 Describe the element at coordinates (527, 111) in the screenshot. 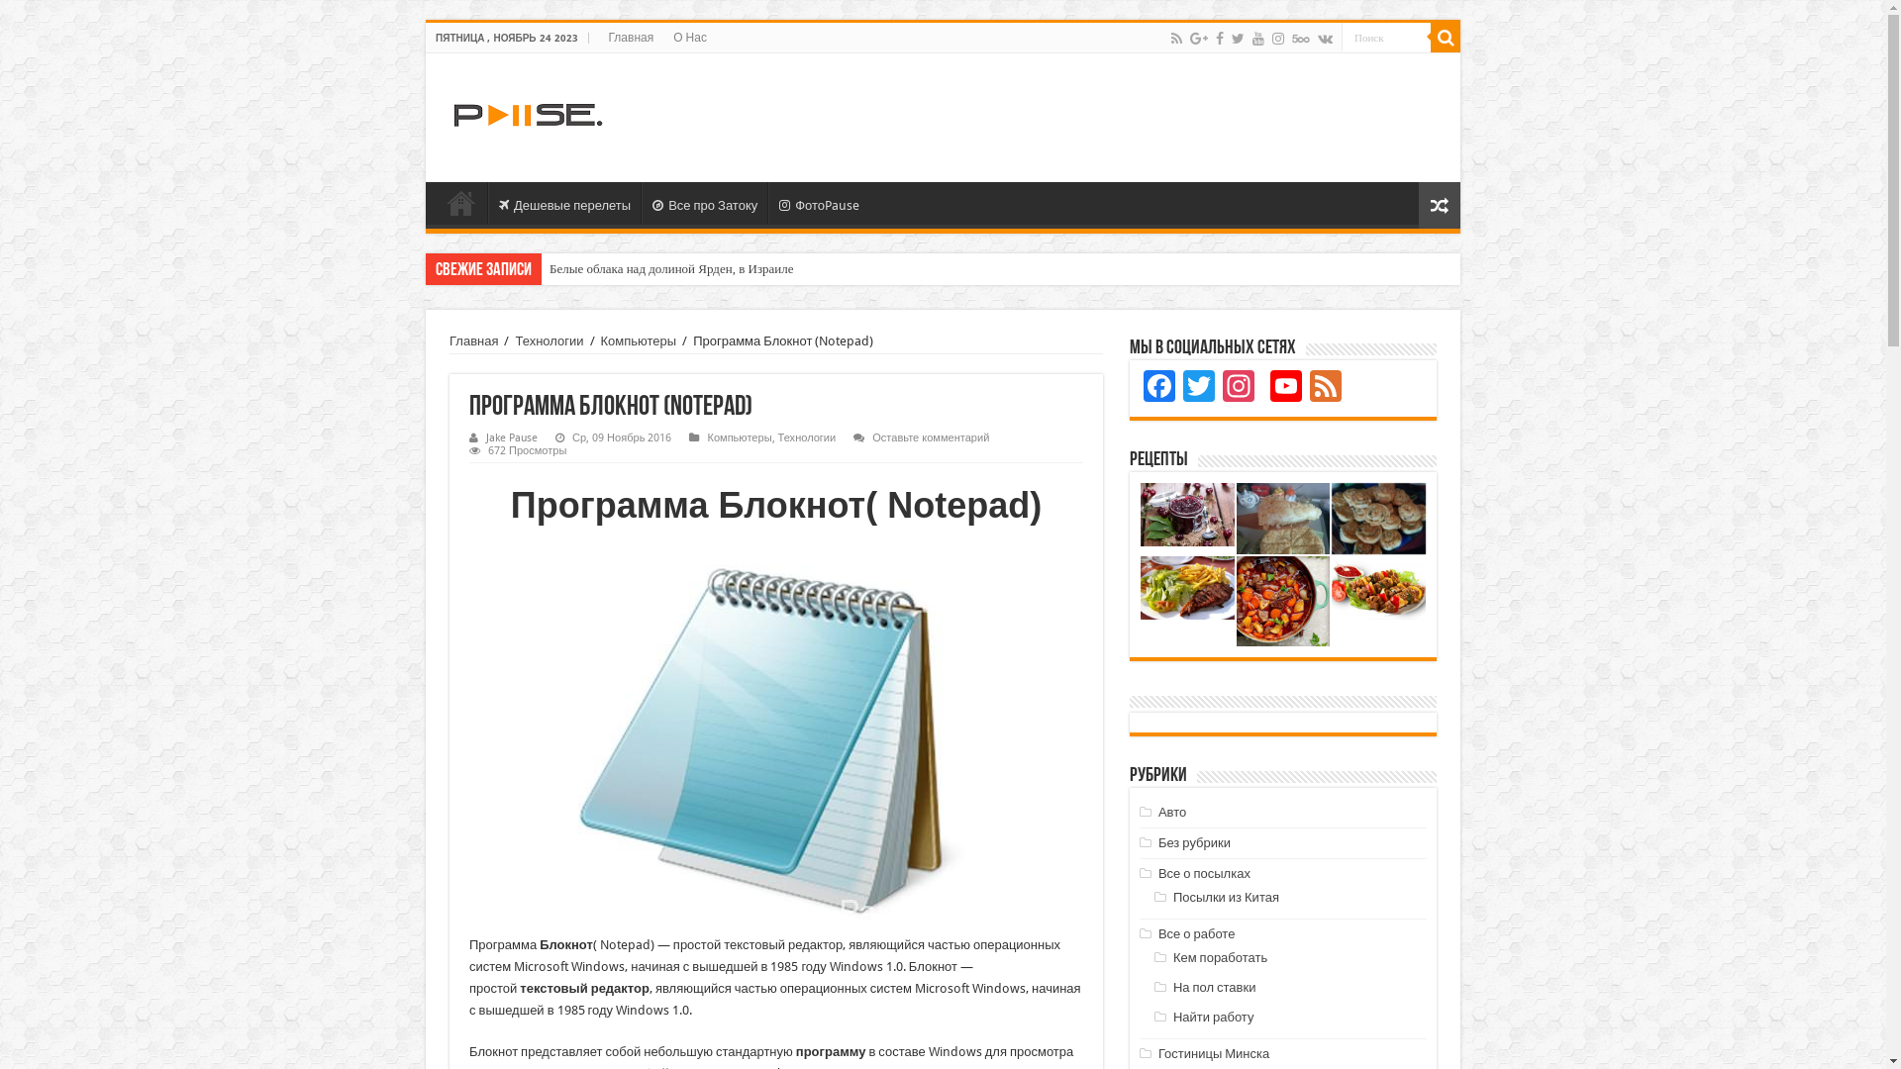

I see `'Pause.By'` at that location.